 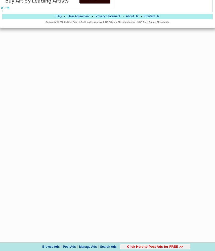 What do you see at coordinates (78, 16) in the screenshot?
I see `'User Agreement'` at bounding box center [78, 16].